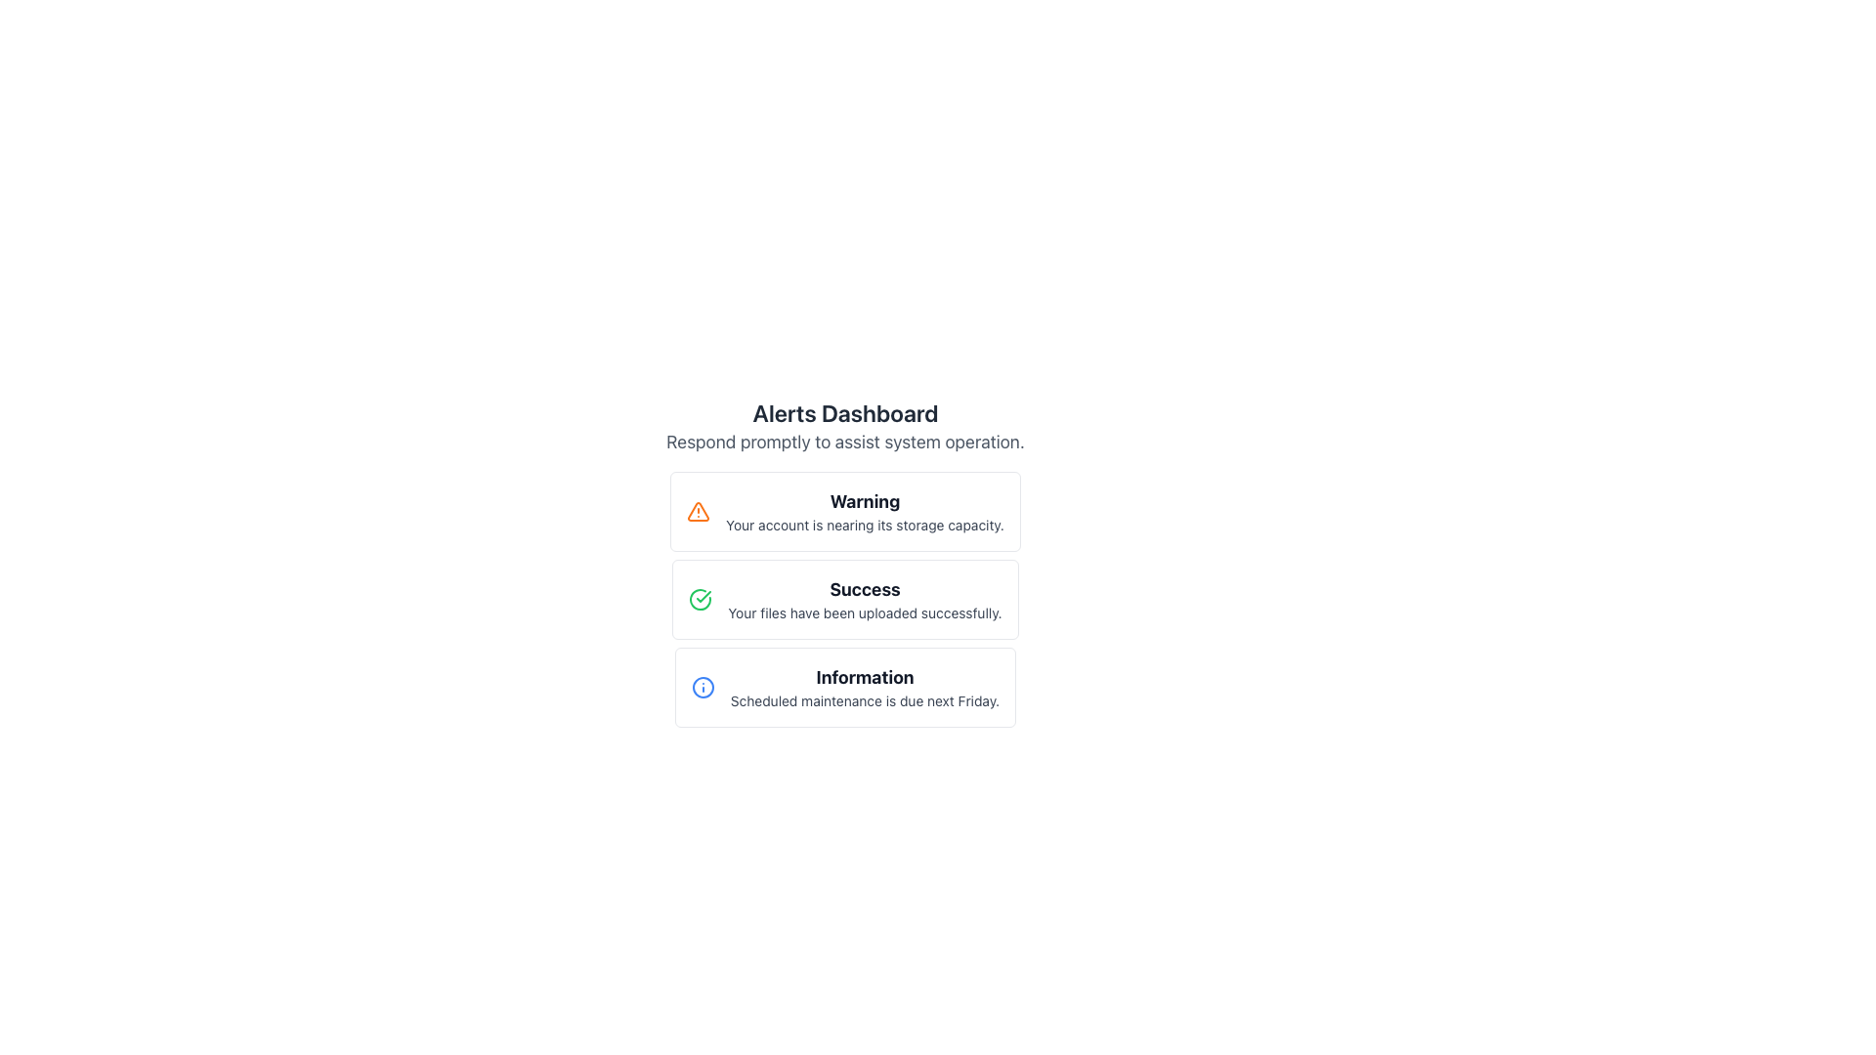 Image resolution: width=1876 pixels, height=1055 pixels. What do you see at coordinates (703, 595) in the screenshot?
I see `the green checkmark icon that signifies a successful operation, located alongside the 'Success' label within the second box of the vertical arrangement of information cards` at bounding box center [703, 595].